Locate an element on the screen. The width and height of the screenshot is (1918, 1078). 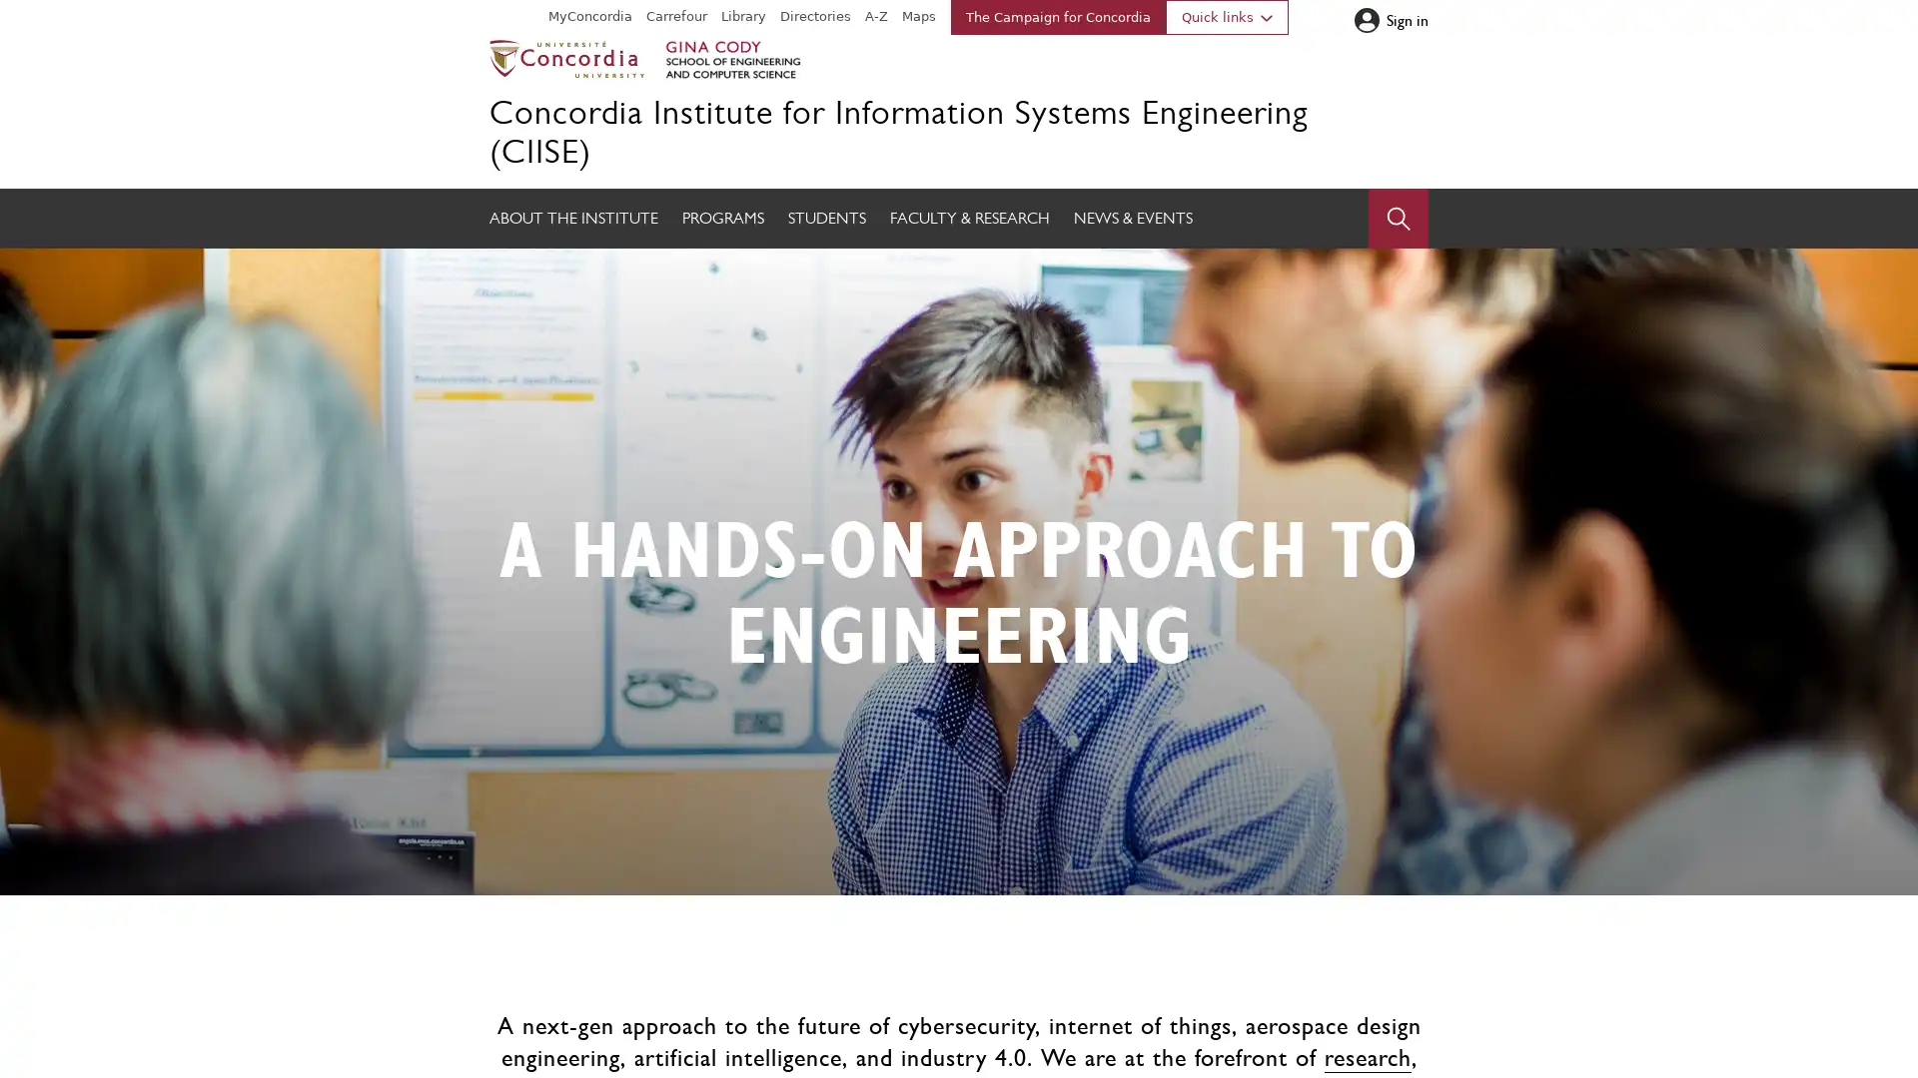
STUDENTS is located at coordinates (827, 219).